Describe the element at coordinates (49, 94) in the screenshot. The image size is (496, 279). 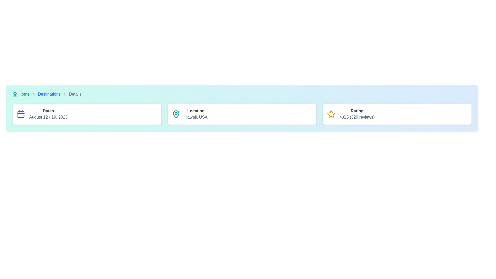
I see `the clickable text link` at that location.